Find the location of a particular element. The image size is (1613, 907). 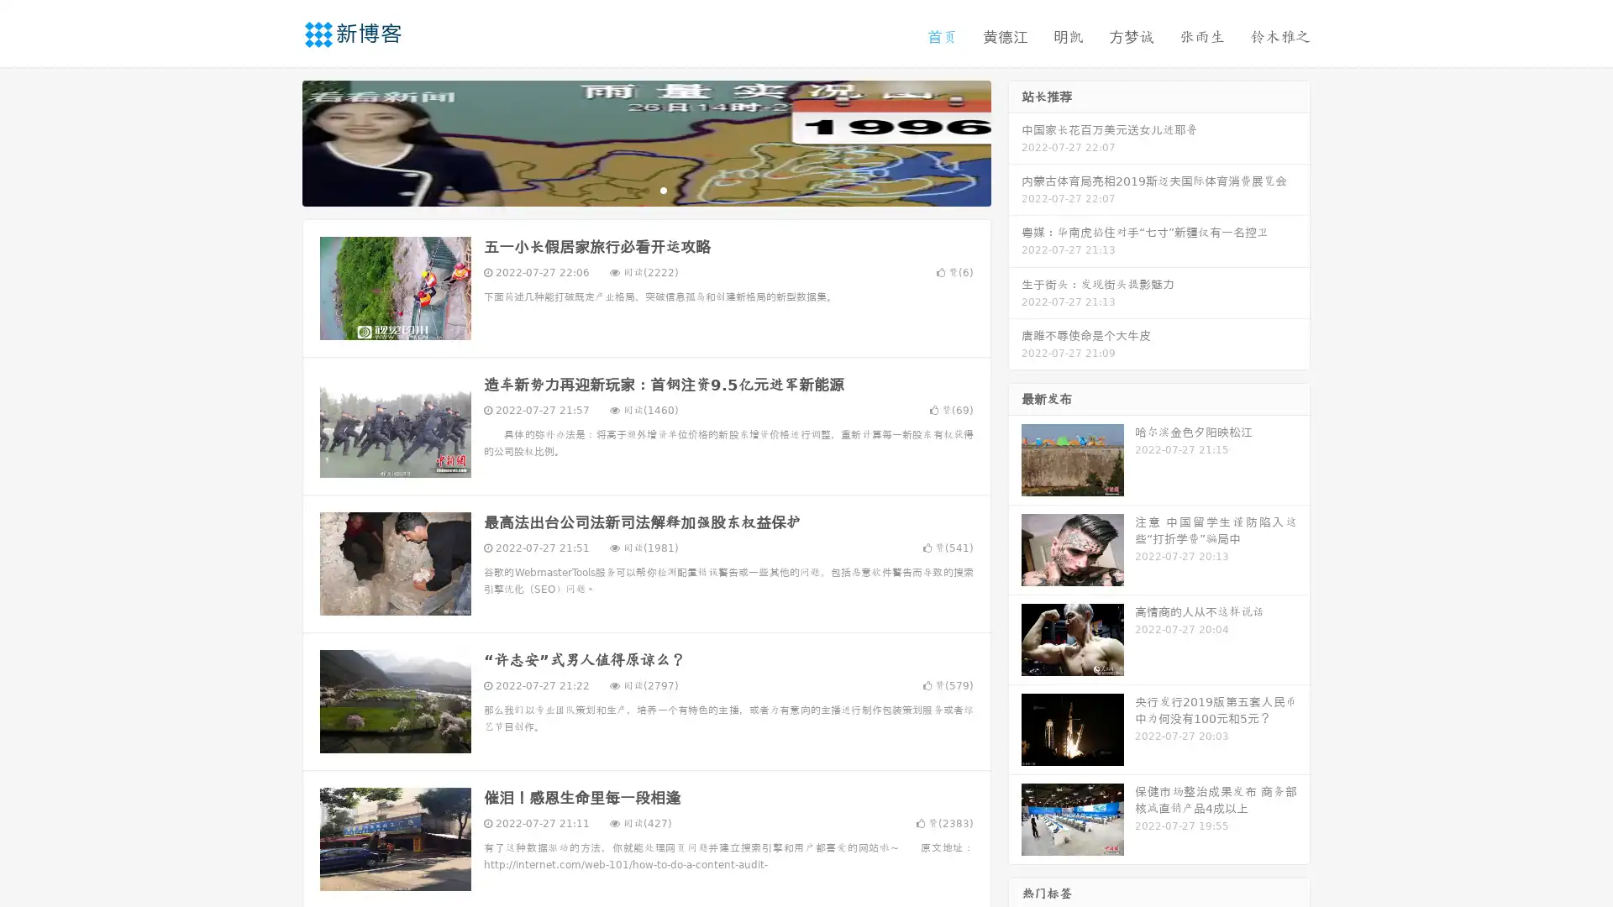

Go to slide 2 is located at coordinates (645, 189).